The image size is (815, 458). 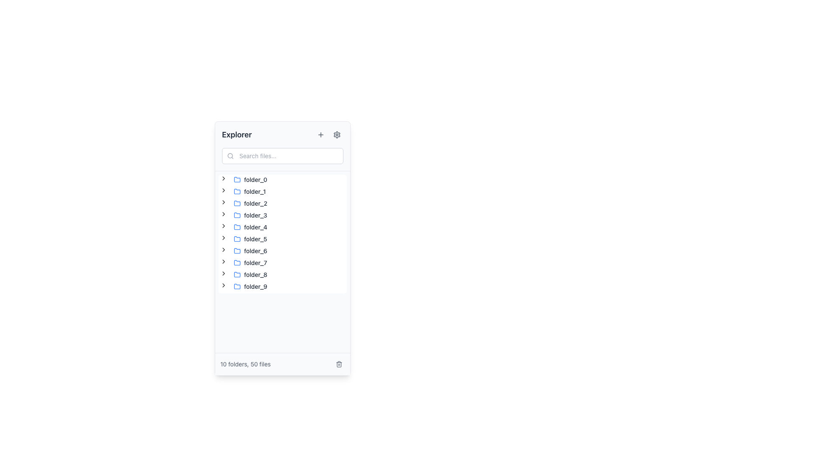 What do you see at coordinates (250, 227) in the screenshot?
I see `the list item representing the folder labeled 'folder_4'` at bounding box center [250, 227].